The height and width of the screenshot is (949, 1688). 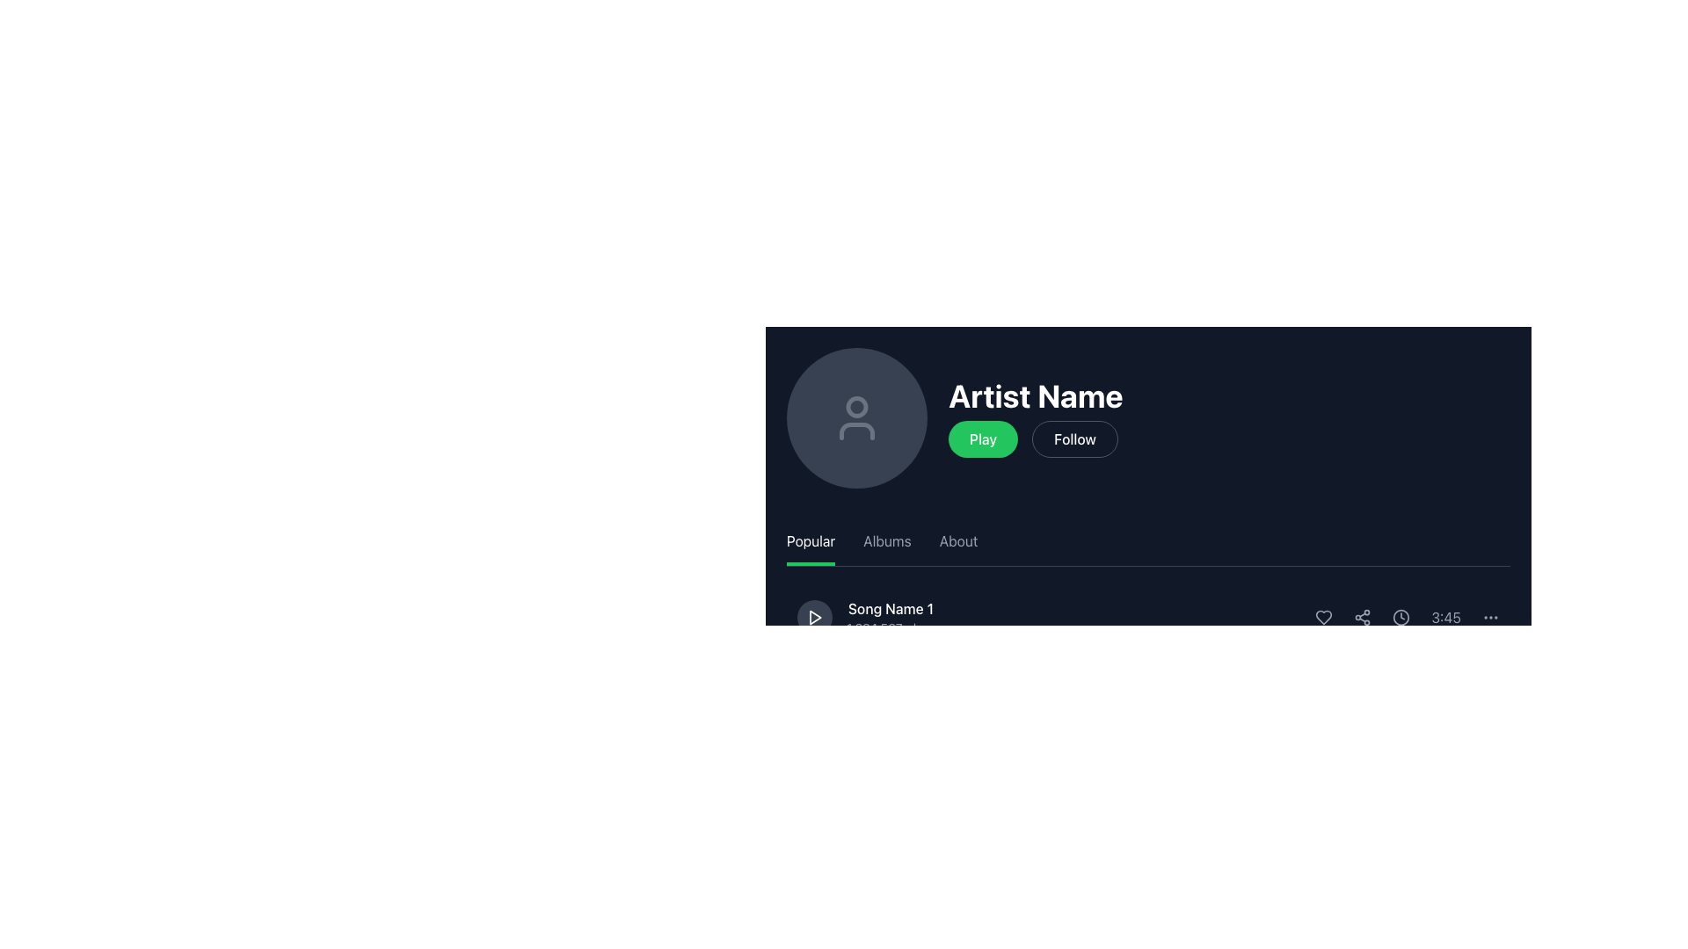 What do you see at coordinates (1324, 616) in the screenshot?
I see `the heart button, which is the first icon in the row at the bottom right of the song item display` at bounding box center [1324, 616].